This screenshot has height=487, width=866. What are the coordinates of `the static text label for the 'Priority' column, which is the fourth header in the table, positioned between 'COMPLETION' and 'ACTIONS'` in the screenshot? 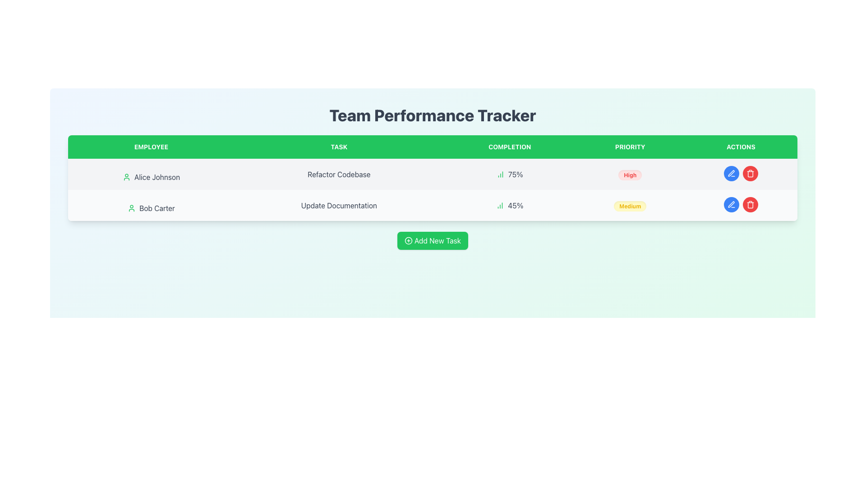 It's located at (630, 147).